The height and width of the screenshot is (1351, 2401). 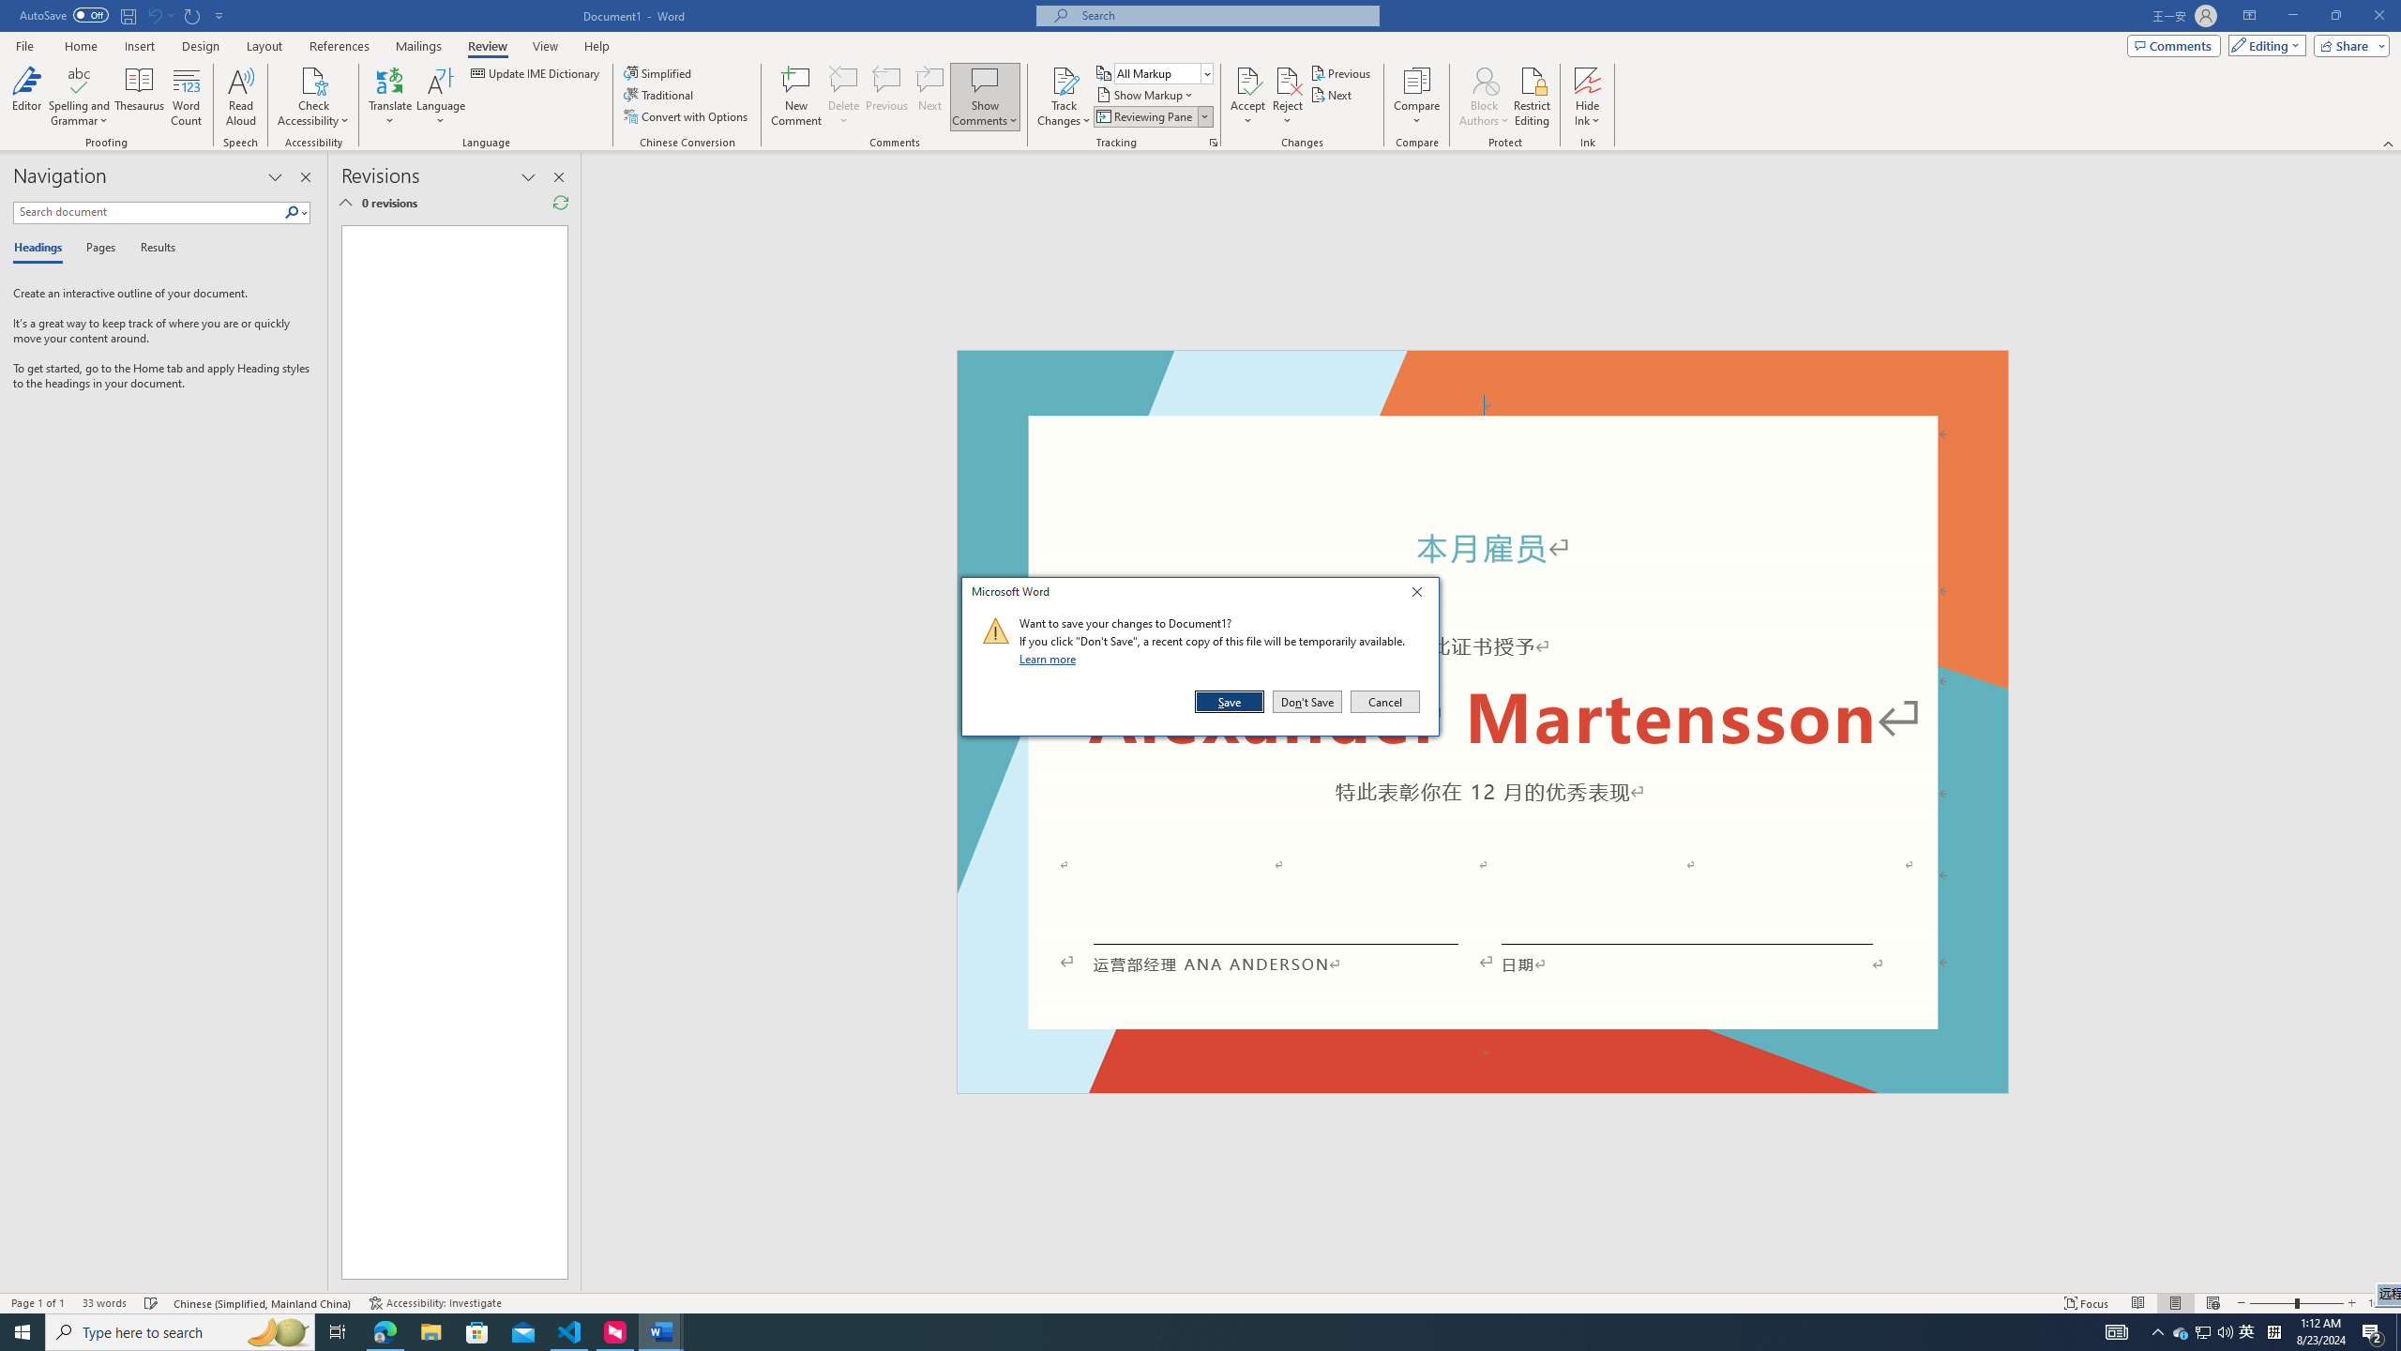 I want to click on 'Spelling and Grammar', so click(x=80, y=97).